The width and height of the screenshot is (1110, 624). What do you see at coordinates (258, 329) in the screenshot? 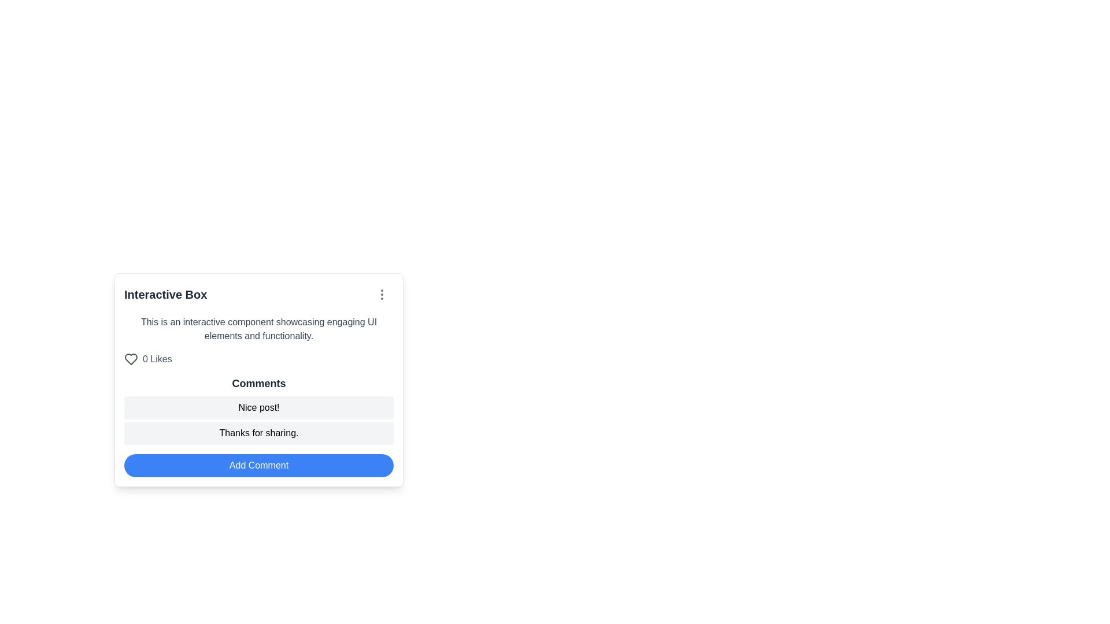
I see `text displayed in the text block that says 'This is an interactive component showcasing engaging UI elements and functionality.' This text label is styled in gray and is positioned below the 'Interactive Box' title and above the '0 Likes' label` at bounding box center [258, 329].